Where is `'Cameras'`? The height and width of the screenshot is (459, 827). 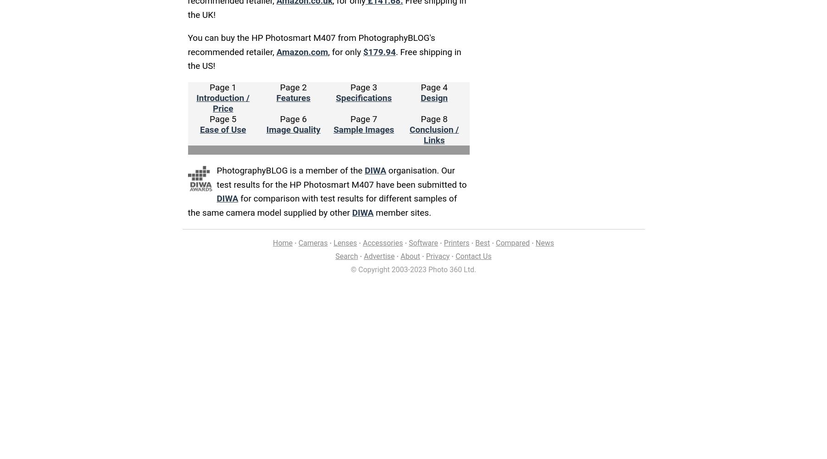 'Cameras' is located at coordinates (298, 242).